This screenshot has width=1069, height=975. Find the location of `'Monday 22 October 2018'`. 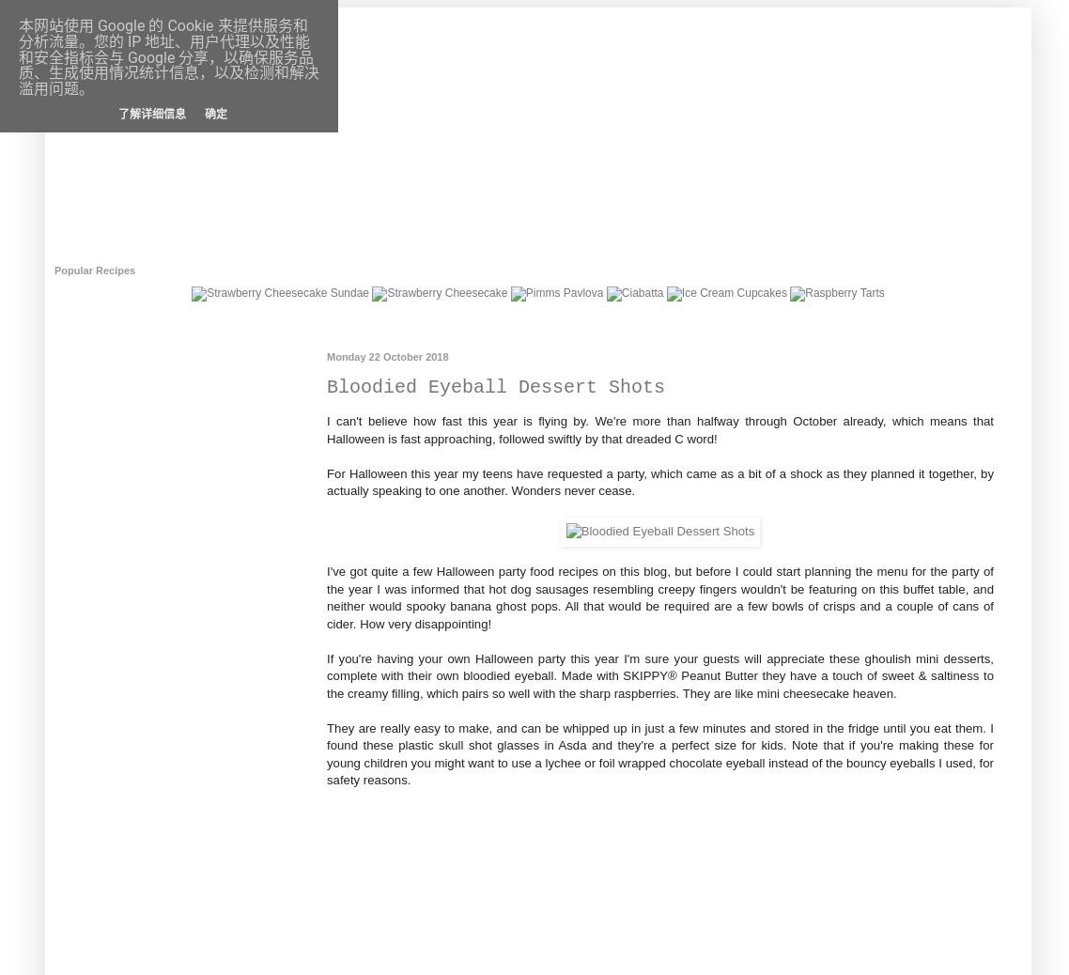

'Monday 22 October 2018' is located at coordinates (386, 357).